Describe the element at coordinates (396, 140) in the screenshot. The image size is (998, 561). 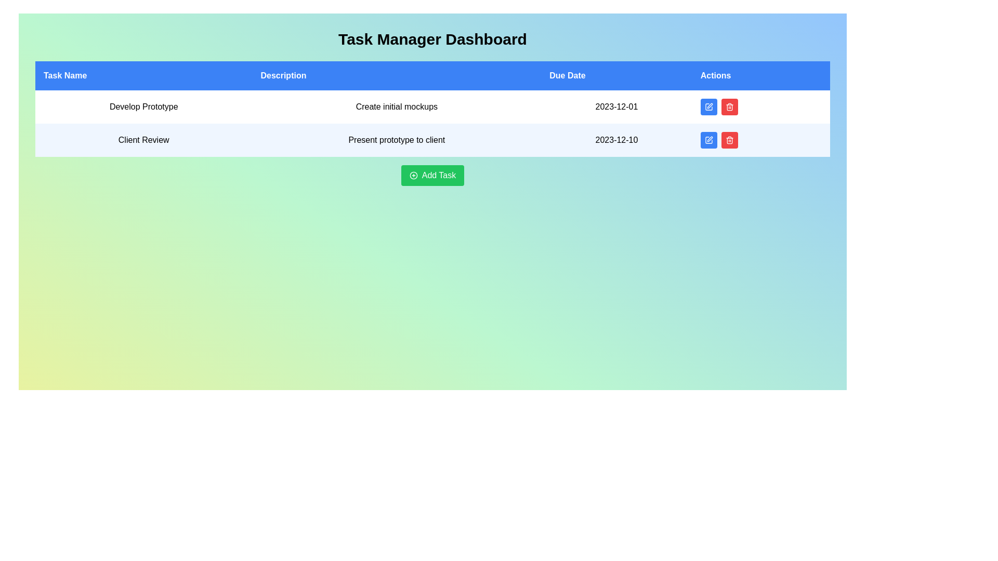
I see `the static text element displaying 'Present prototype to client' in the 'Description' column of the table in the 'Task Manager Dashboard'` at that location.